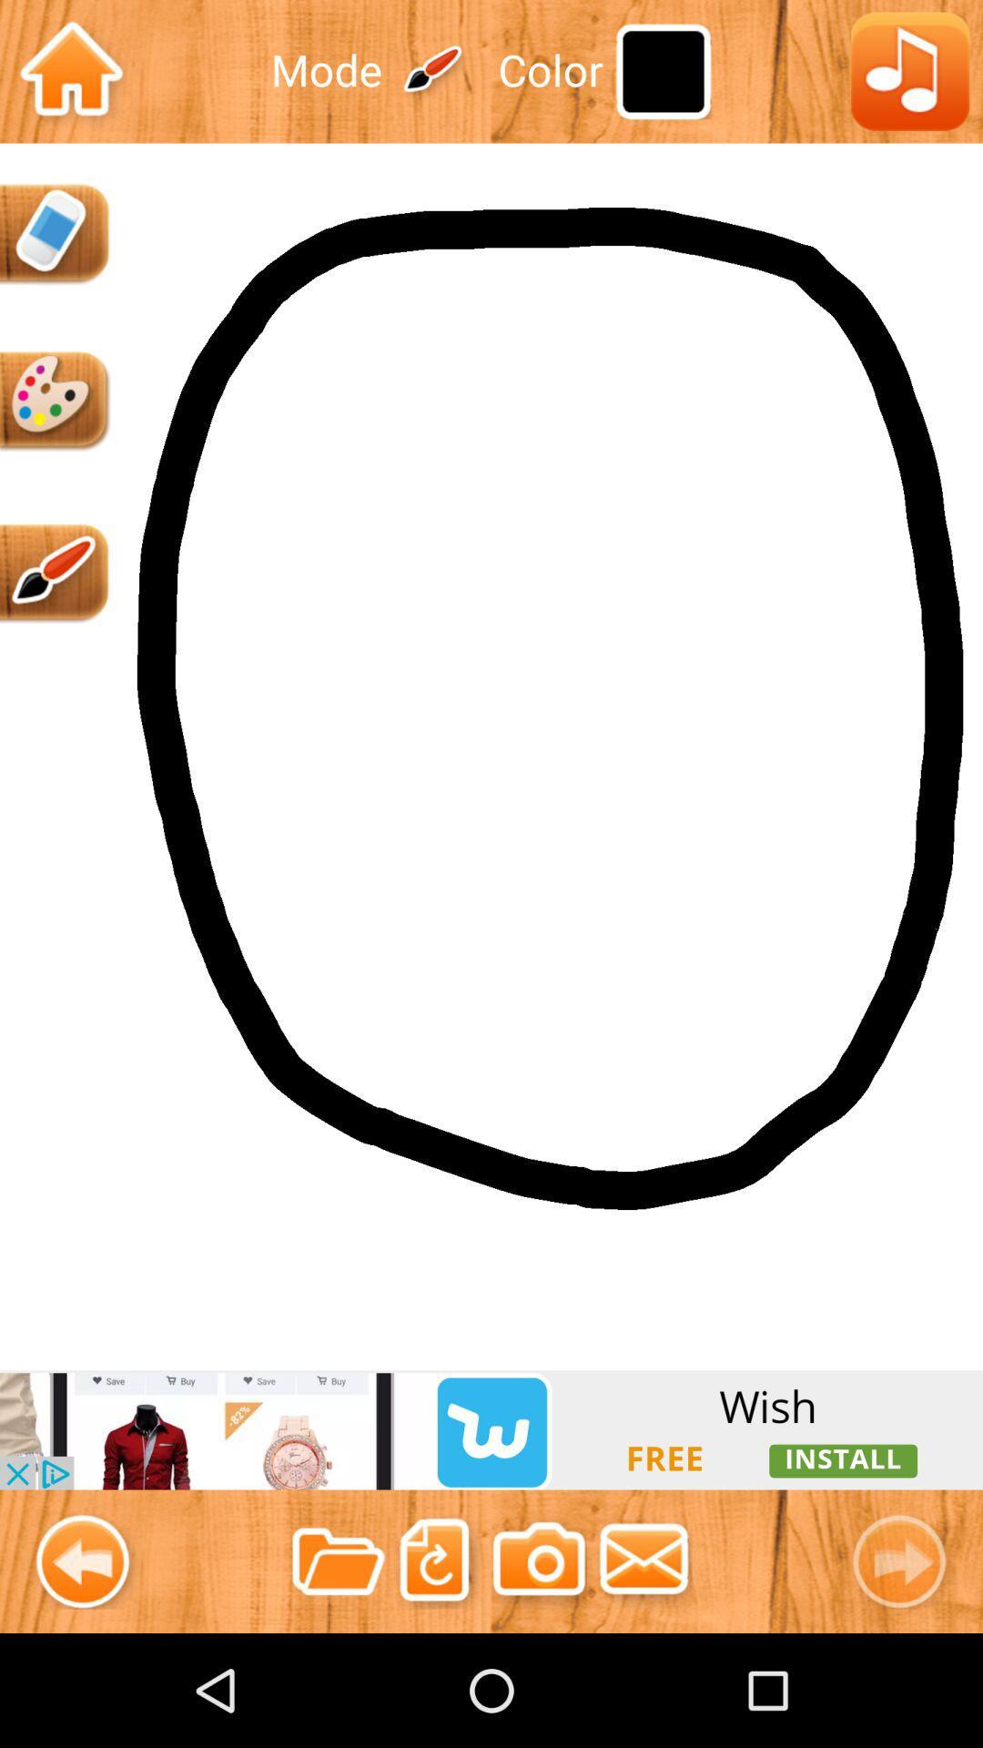  What do you see at coordinates (71, 71) in the screenshot?
I see `homepage` at bounding box center [71, 71].